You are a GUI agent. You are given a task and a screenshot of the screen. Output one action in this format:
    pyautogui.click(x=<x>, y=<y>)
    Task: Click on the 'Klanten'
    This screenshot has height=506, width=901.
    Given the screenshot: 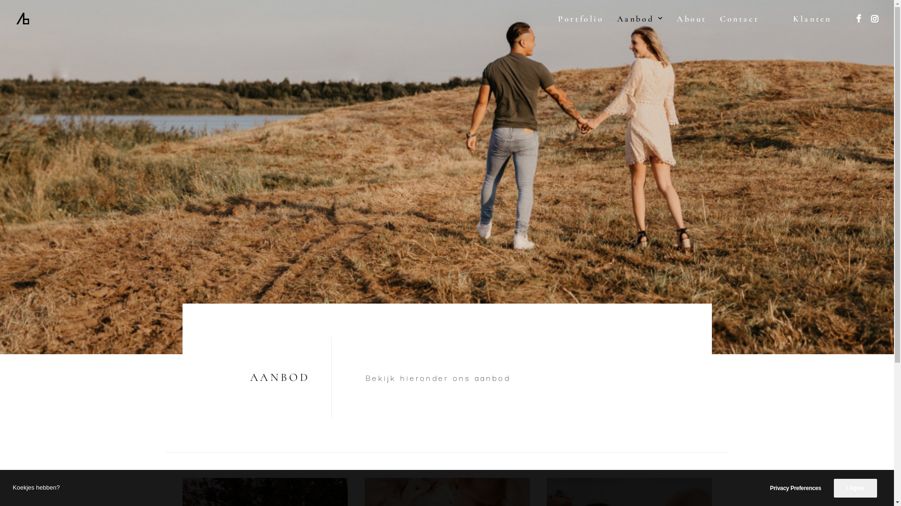 What is the action you would take?
    pyautogui.click(x=813, y=18)
    